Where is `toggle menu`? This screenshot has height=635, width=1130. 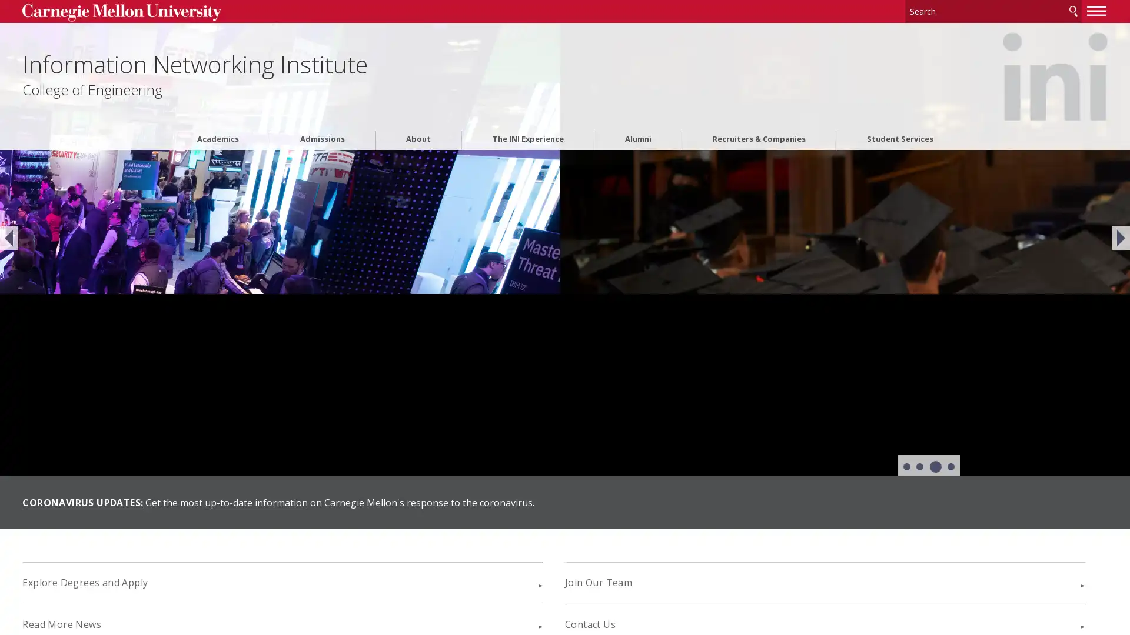
toggle menu is located at coordinates (949, 11).